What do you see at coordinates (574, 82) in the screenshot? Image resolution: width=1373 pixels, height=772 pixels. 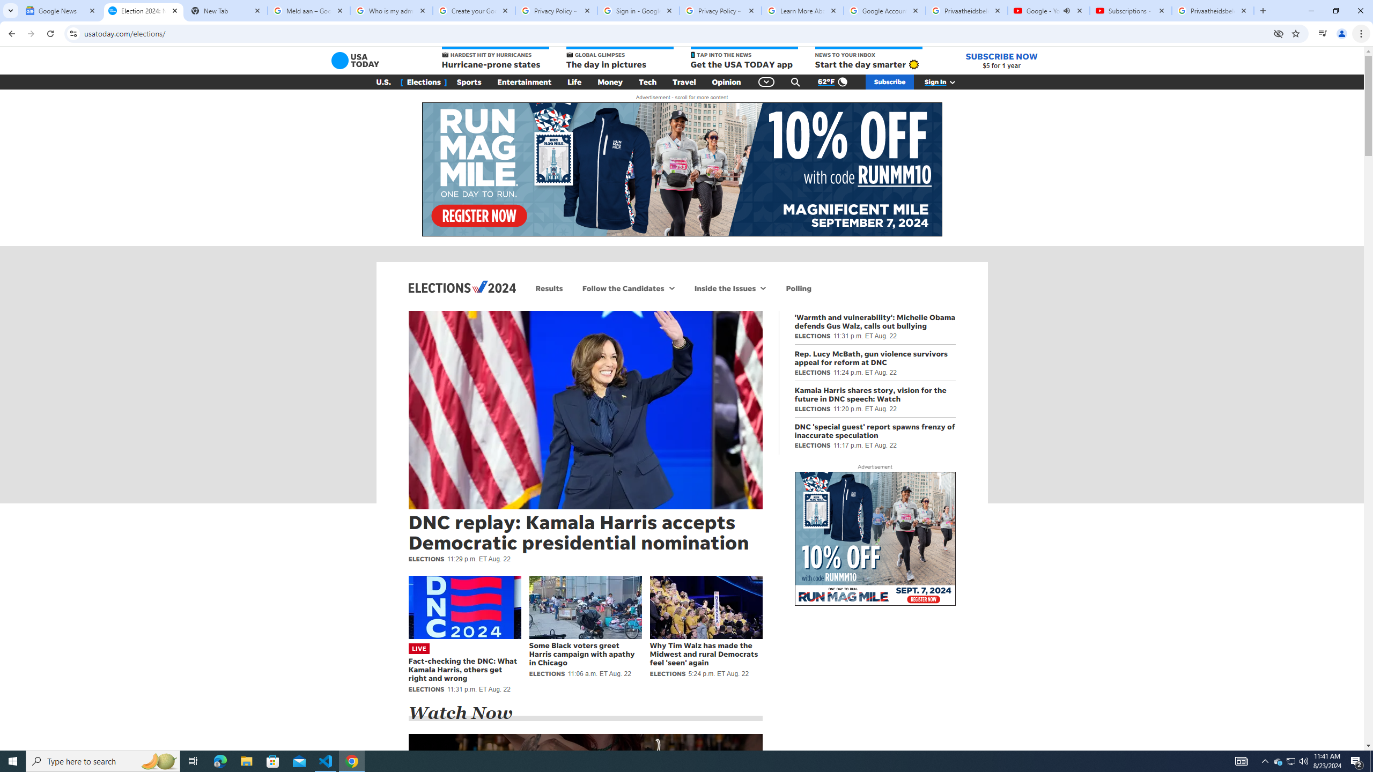 I see `'Life'` at bounding box center [574, 82].